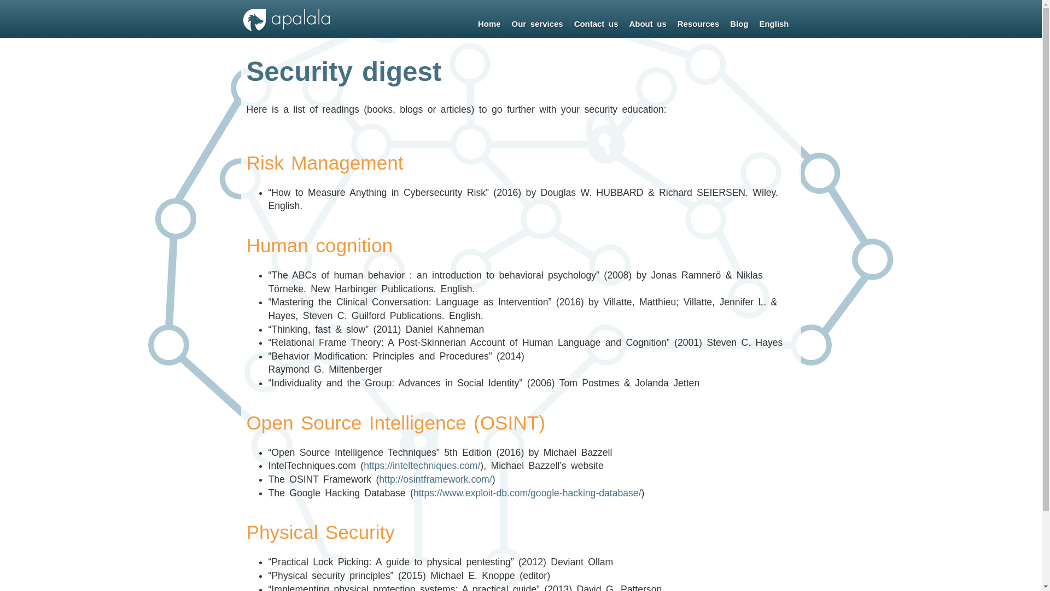  Describe the element at coordinates (421, 466) in the screenshot. I see `'https://inteltechniques.com/'` at that location.